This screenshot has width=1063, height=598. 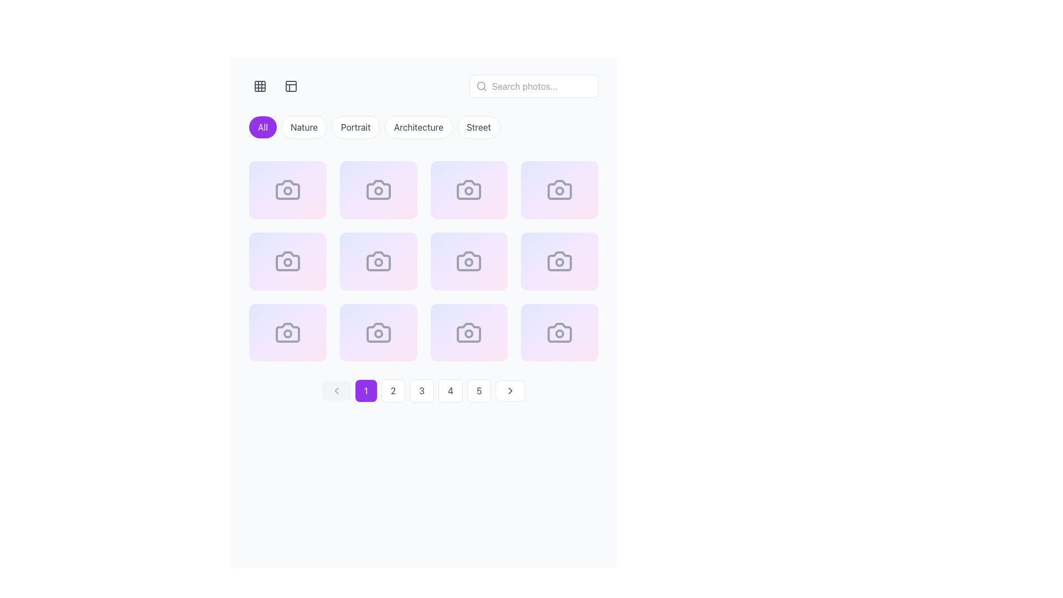 I want to click on the camera icon located in the second column of the third row within a grid of image placeholders, so click(x=469, y=261).